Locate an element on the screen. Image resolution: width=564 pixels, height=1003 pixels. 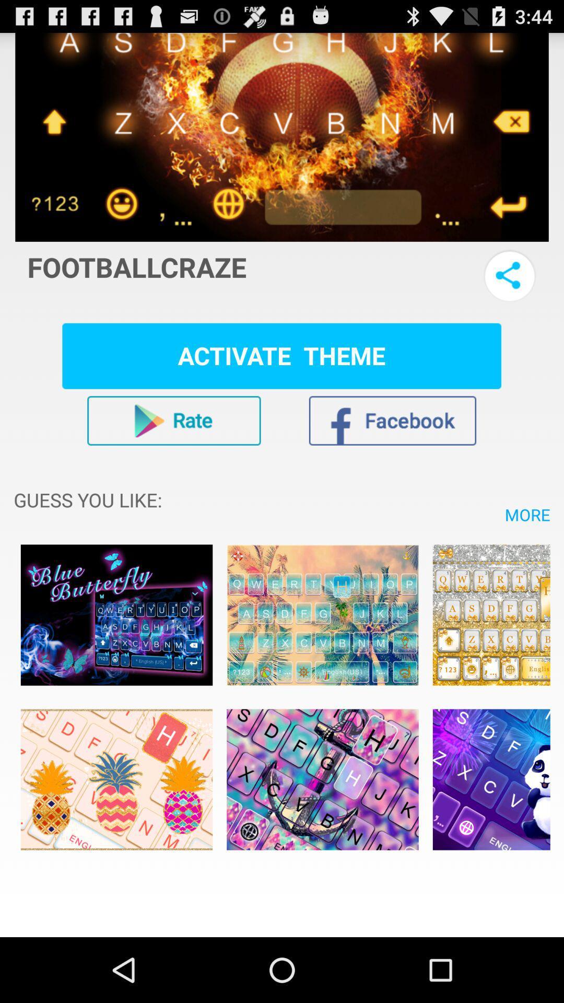
image choice is located at coordinates (322, 615).